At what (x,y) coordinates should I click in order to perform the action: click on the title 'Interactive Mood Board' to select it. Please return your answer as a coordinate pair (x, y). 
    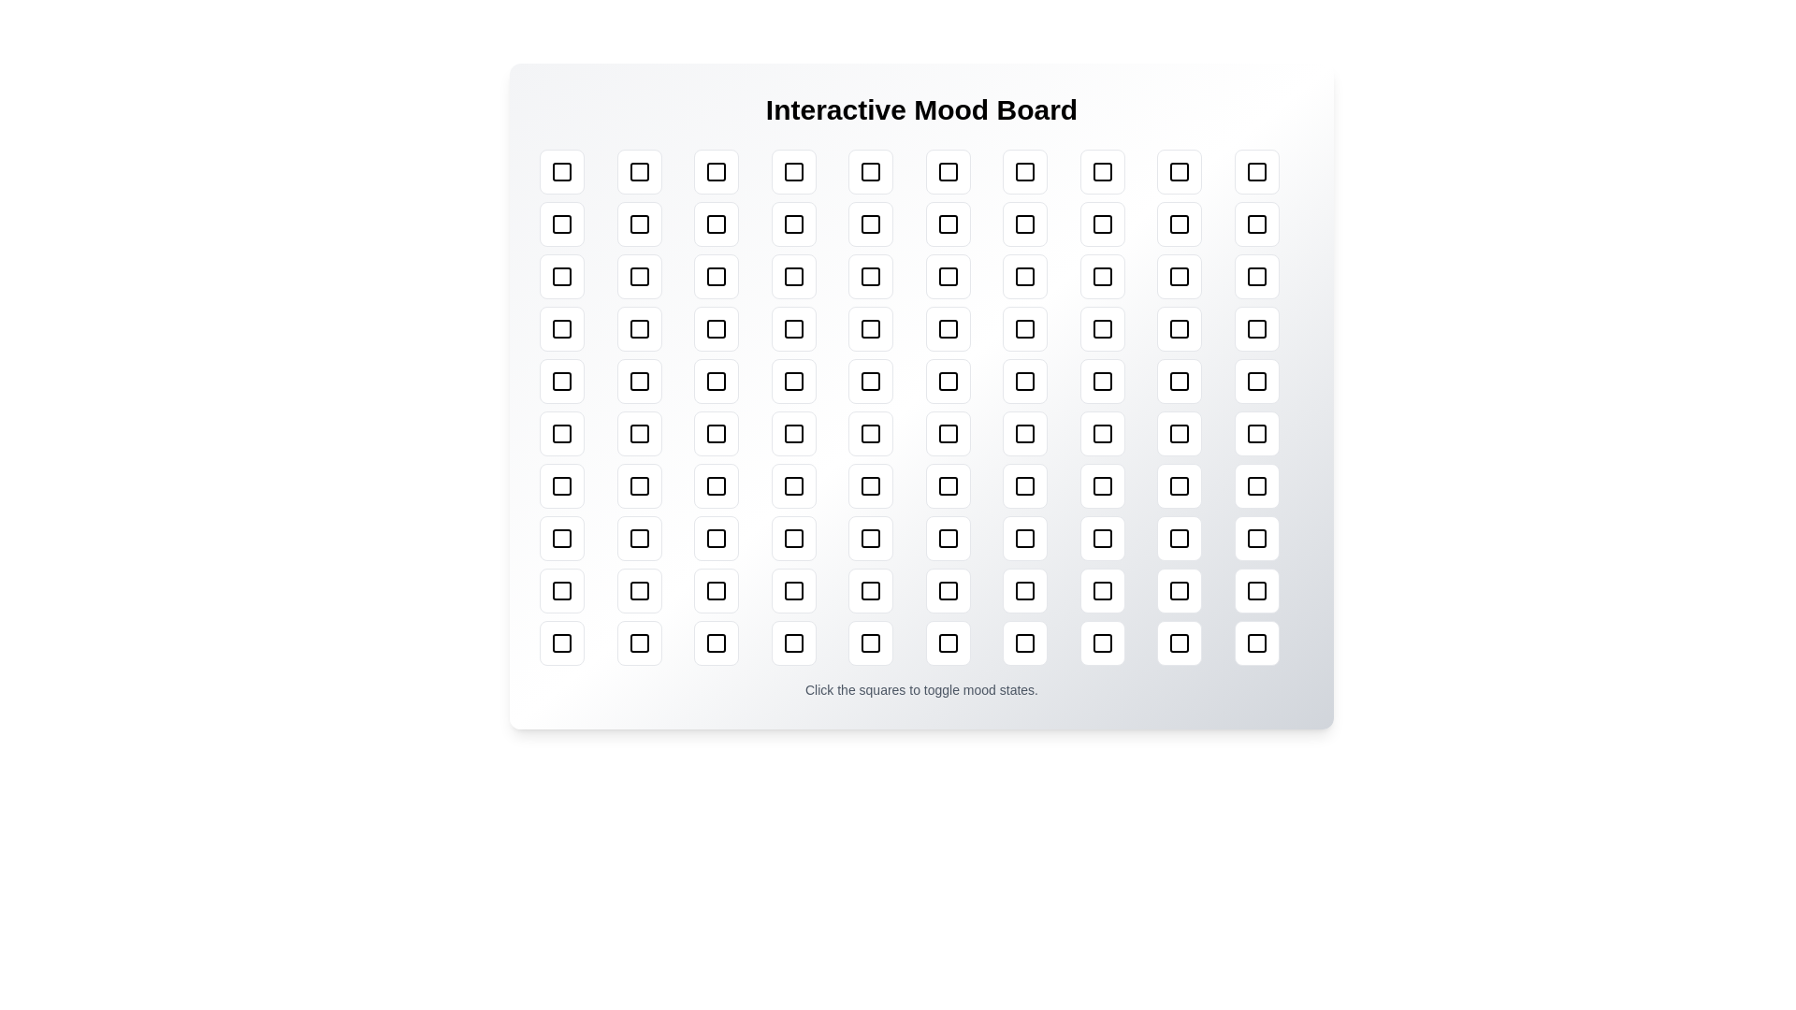
    Looking at the image, I should click on (921, 110).